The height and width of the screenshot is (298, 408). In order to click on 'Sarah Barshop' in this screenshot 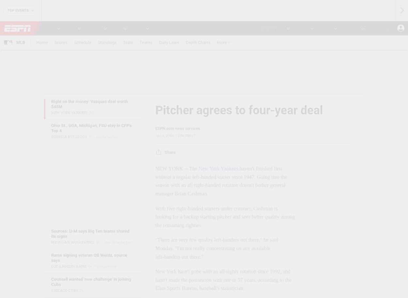, I will do `click(105, 266)`.